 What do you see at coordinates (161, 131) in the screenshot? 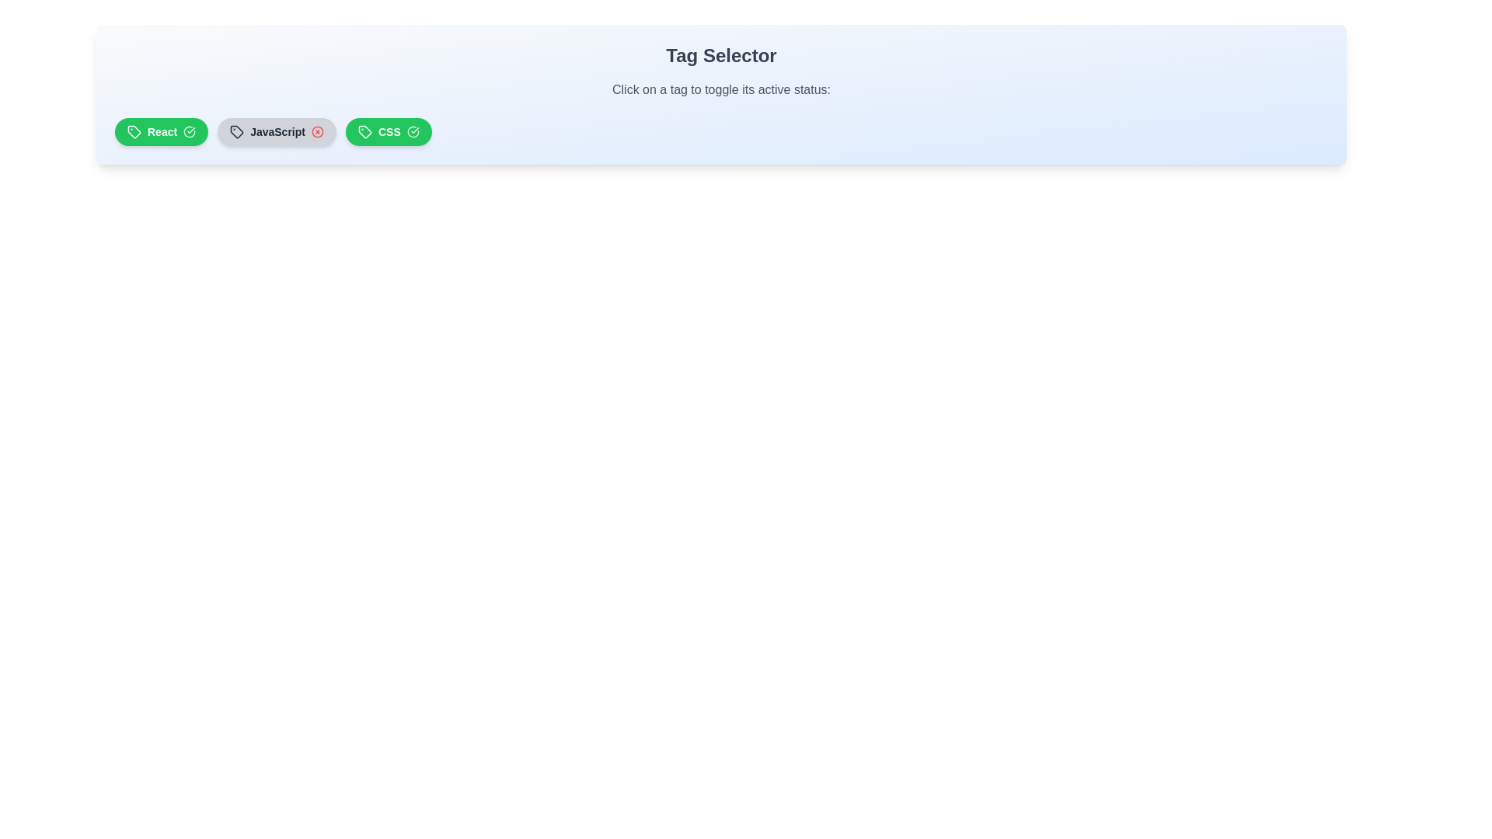
I see `the tag button labeled React to view its hover effect` at bounding box center [161, 131].